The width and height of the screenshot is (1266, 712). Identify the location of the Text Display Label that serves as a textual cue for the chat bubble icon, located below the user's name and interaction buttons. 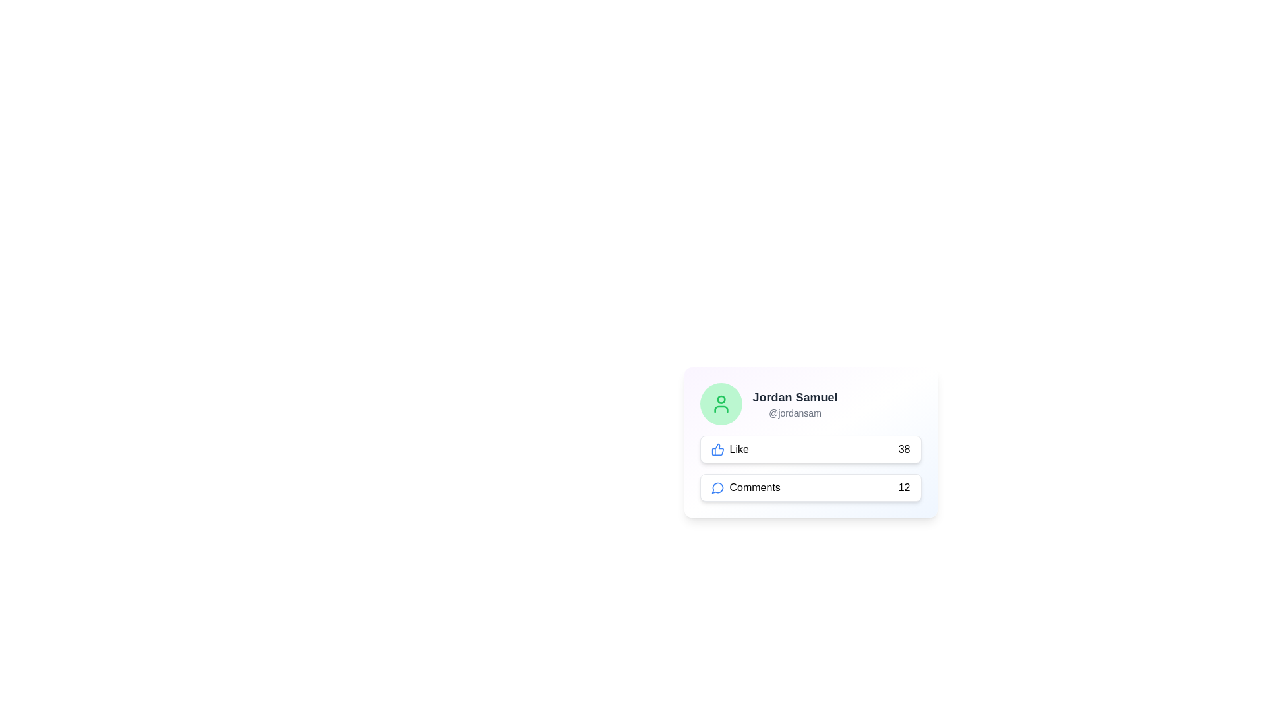
(755, 488).